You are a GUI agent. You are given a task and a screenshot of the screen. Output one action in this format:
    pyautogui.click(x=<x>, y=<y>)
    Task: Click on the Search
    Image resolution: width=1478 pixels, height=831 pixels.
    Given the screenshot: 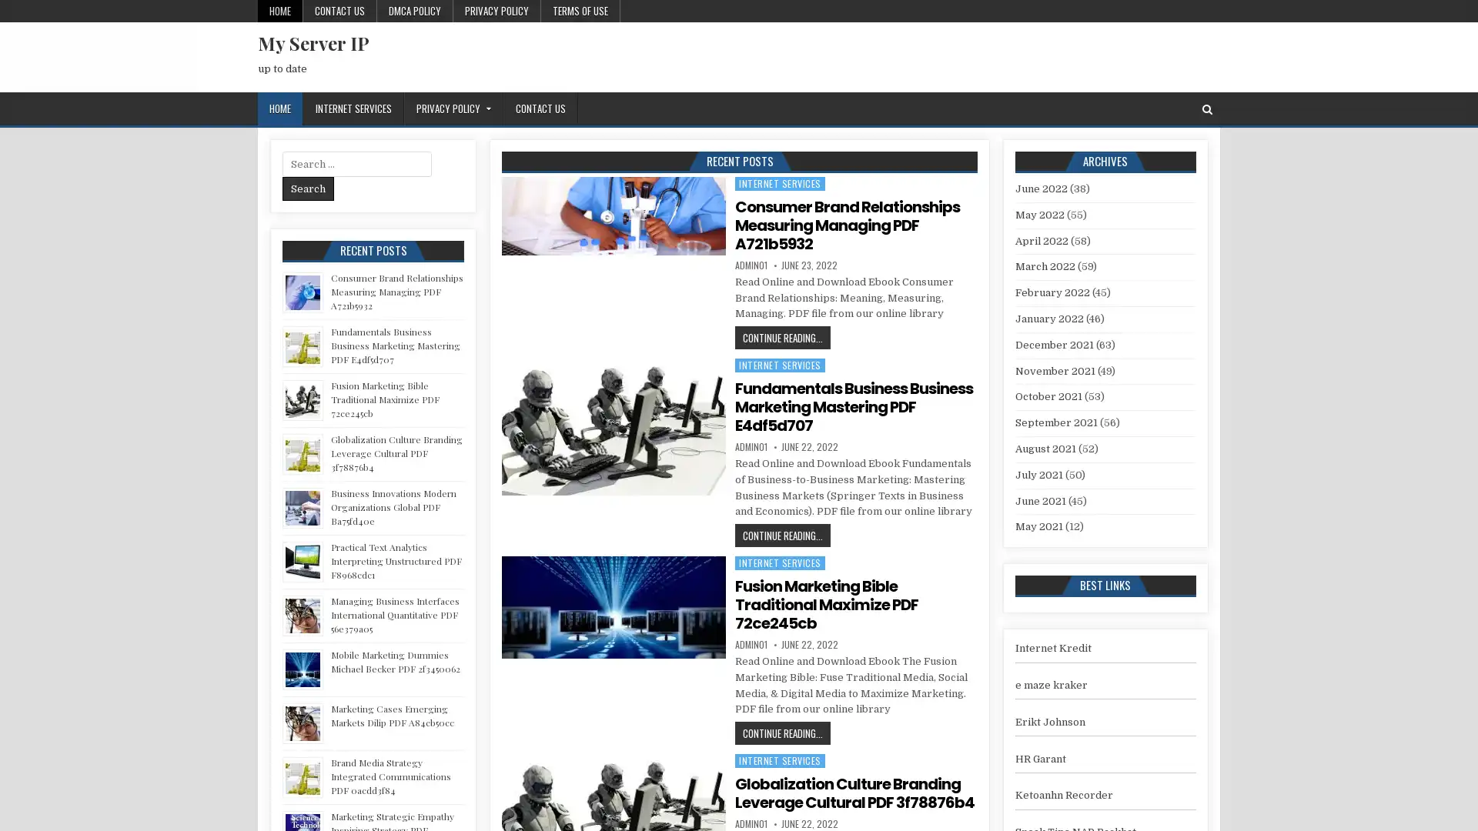 What is the action you would take?
    pyautogui.click(x=308, y=188)
    